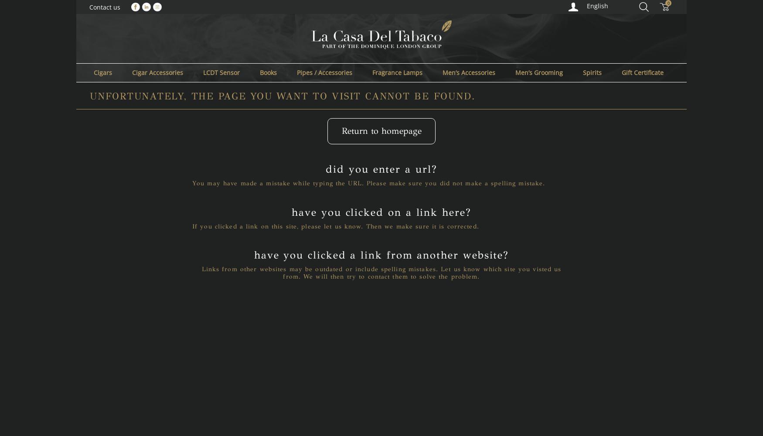 Image resolution: width=763 pixels, height=436 pixels. What do you see at coordinates (381, 255) in the screenshot?
I see `'Have you clicked a link from another website?'` at bounding box center [381, 255].